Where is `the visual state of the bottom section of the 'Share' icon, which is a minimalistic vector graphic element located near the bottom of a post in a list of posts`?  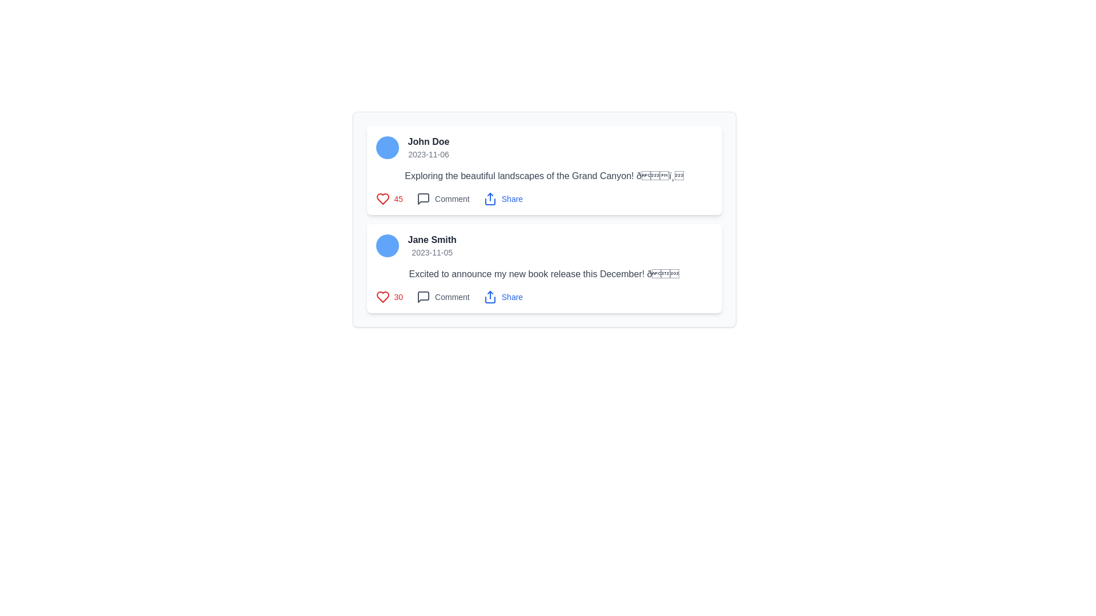 the visual state of the bottom section of the 'Share' icon, which is a minimalistic vector graphic element located near the bottom of a post in a list of posts is located at coordinates (490, 201).